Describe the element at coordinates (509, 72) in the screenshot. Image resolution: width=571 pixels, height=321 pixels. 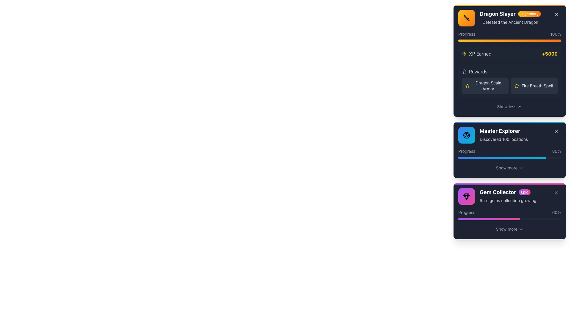
I see `information displayed in the 'XP Earned' informational panel, which shows the title 'XP Earned', the value '+5000', and the 'Rewards' section containing 'Dragon Scale Armor' and 'Fire Breath Spell'` at that location.